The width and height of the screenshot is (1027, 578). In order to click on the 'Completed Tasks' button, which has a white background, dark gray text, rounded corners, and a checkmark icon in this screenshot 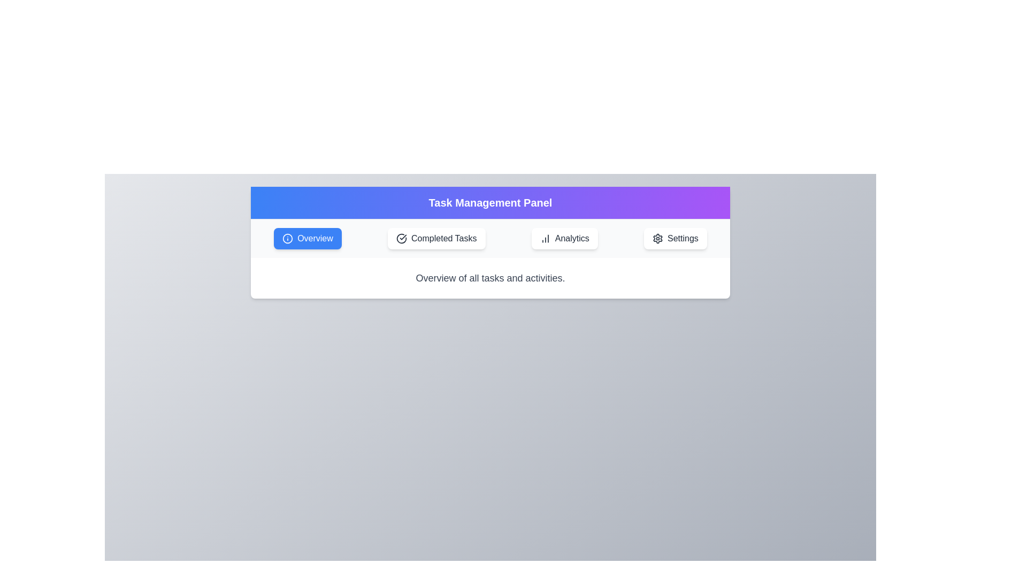, I will do `click(436, 238)`.